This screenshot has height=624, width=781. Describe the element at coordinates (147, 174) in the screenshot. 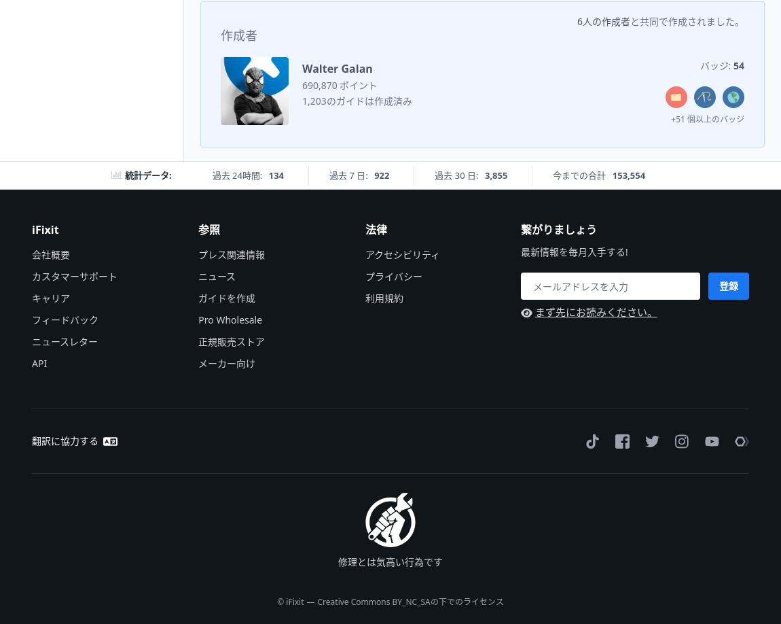

I see `'統計データ:'` at that location.